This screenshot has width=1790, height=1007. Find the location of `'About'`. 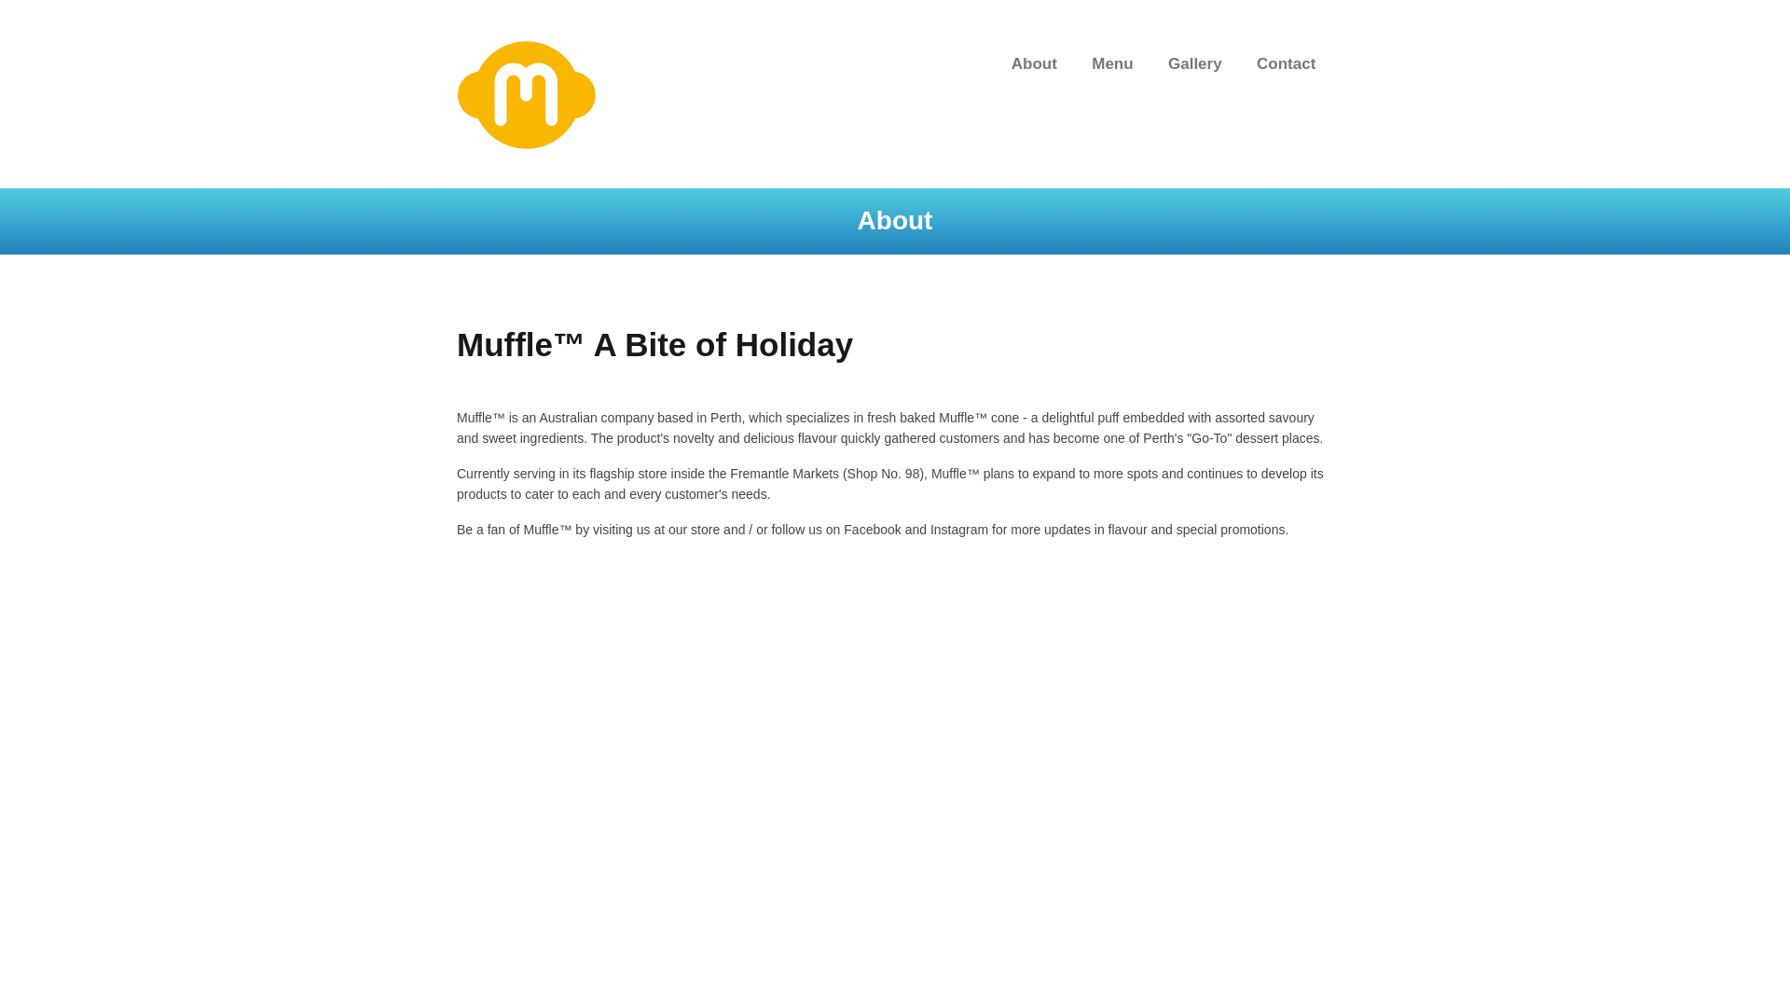

'About' is located at coordinates (1032, 63).